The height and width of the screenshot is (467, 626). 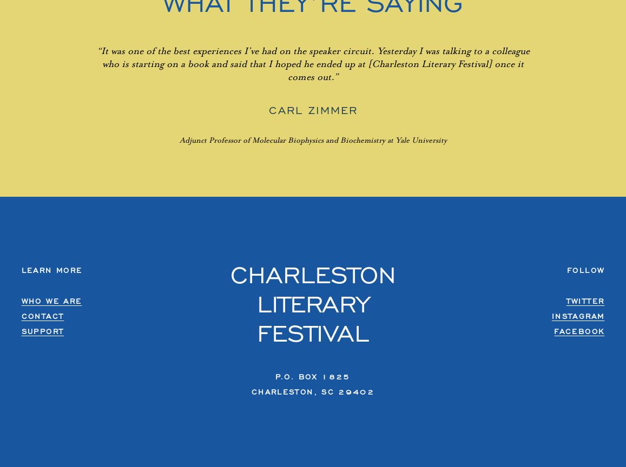 What do you see at coordinates (42, 330) in the screenshot?
I see `'Support'` at bounding box center [42, 330].